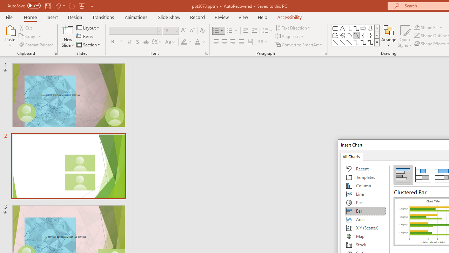 This screenshot has height=253, width=449. Describe the element at coordinates (183, 30) in the screenshot. I see `'Increase Font Size'` at that location.